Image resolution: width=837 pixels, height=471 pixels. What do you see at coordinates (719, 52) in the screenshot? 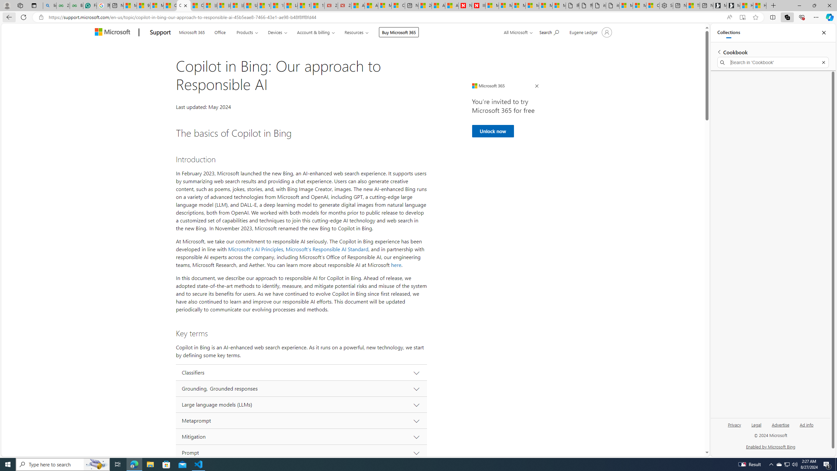
I see `'Back to list of collections'` at bounding box center [719, 52].